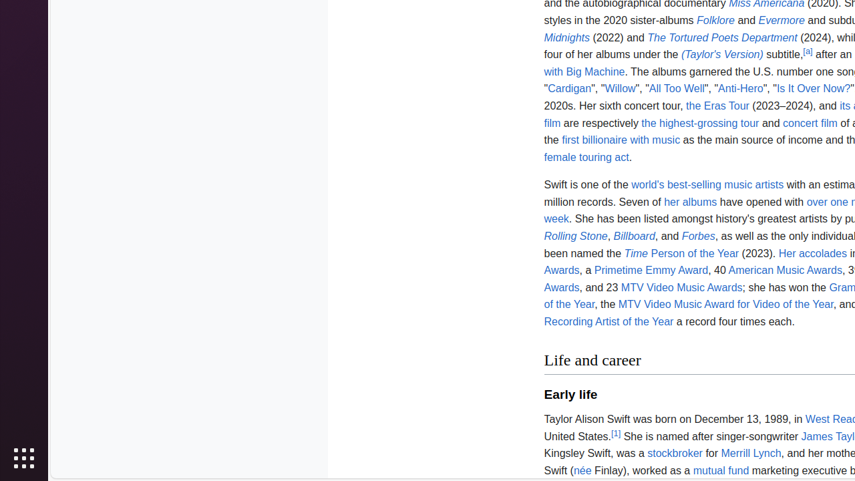  I want to click on 'Rolling Stone', so click(575, 236).